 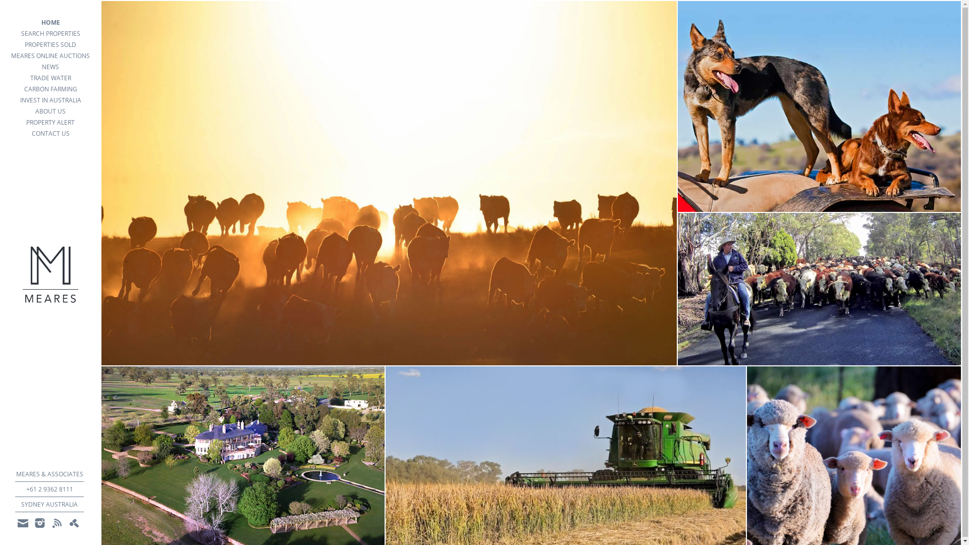 What do you see at coordinates (50, 44) in the screenshot?
I see `'PROPERTIES SOLD'` at bounding box center [50, 44].